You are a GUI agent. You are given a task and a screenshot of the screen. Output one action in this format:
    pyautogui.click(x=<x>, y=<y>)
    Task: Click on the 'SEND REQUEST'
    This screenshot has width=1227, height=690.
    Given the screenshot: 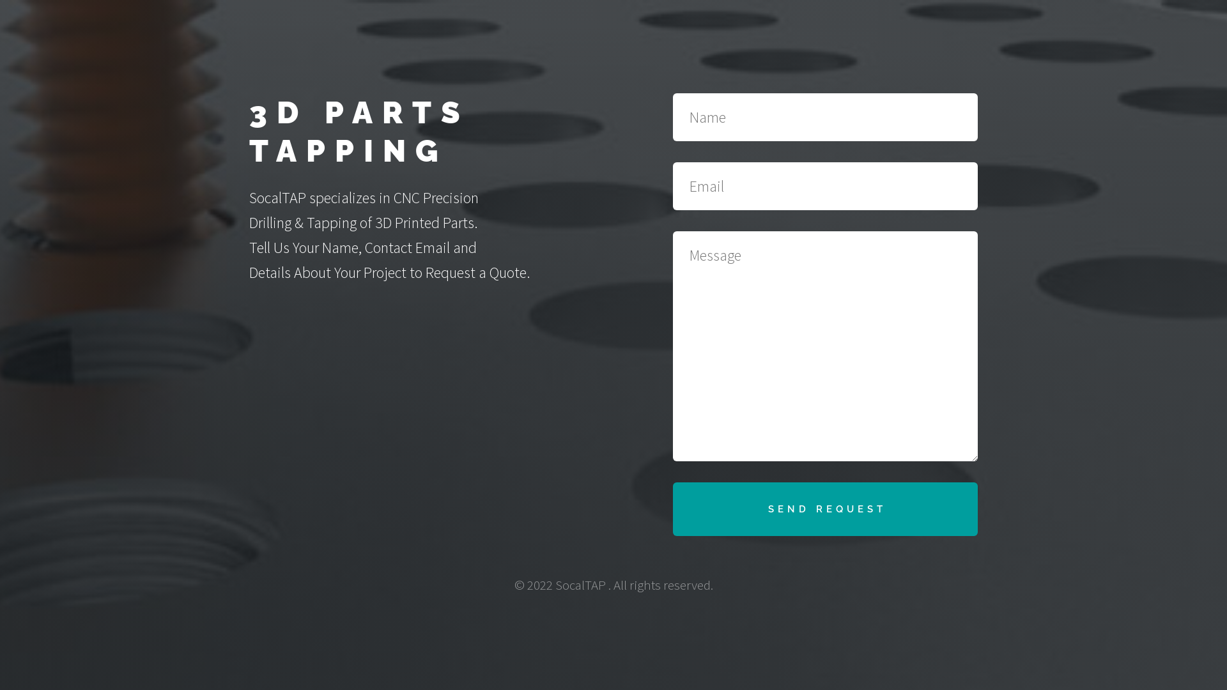 What is the action you would take?
    pyautogui.click(x=825, y=509)
    